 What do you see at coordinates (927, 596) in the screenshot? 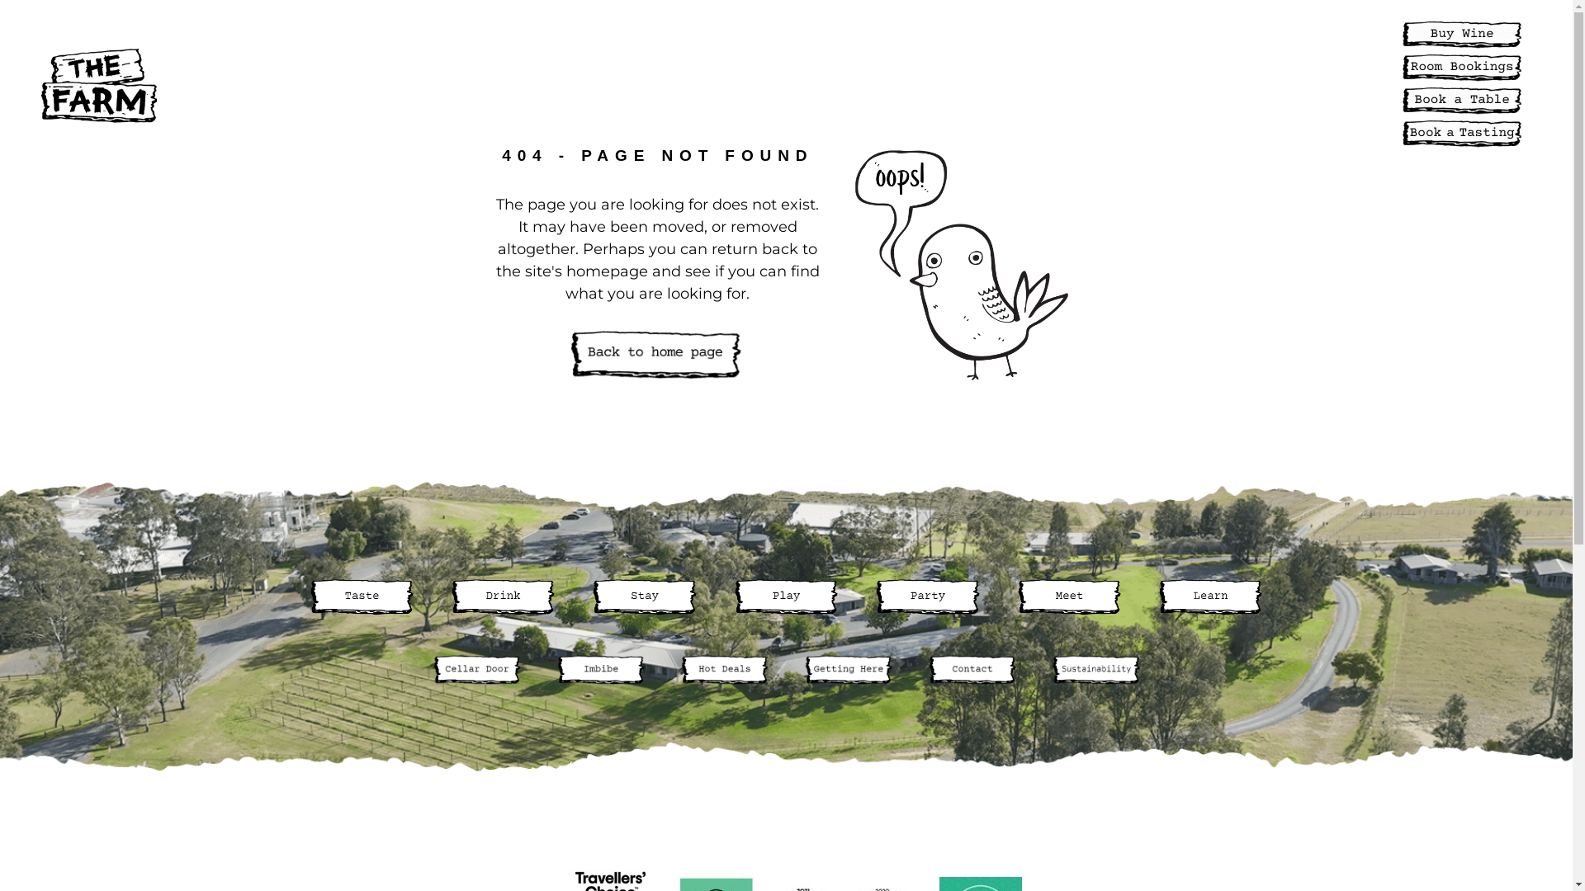
I see `'Party-4'` at bounding box center [927, 596].